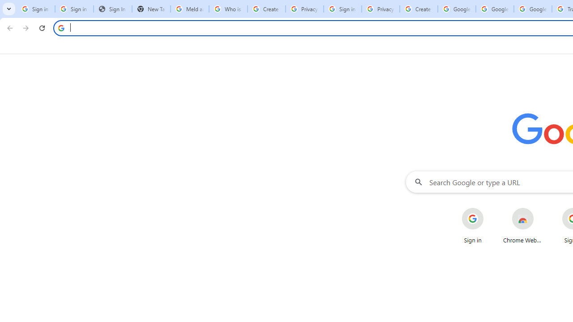  What do you see at coordinates (112, 9) in the screenshot?
I see `'Sign In - USA TODAY'` at bounding box center [112, 9].